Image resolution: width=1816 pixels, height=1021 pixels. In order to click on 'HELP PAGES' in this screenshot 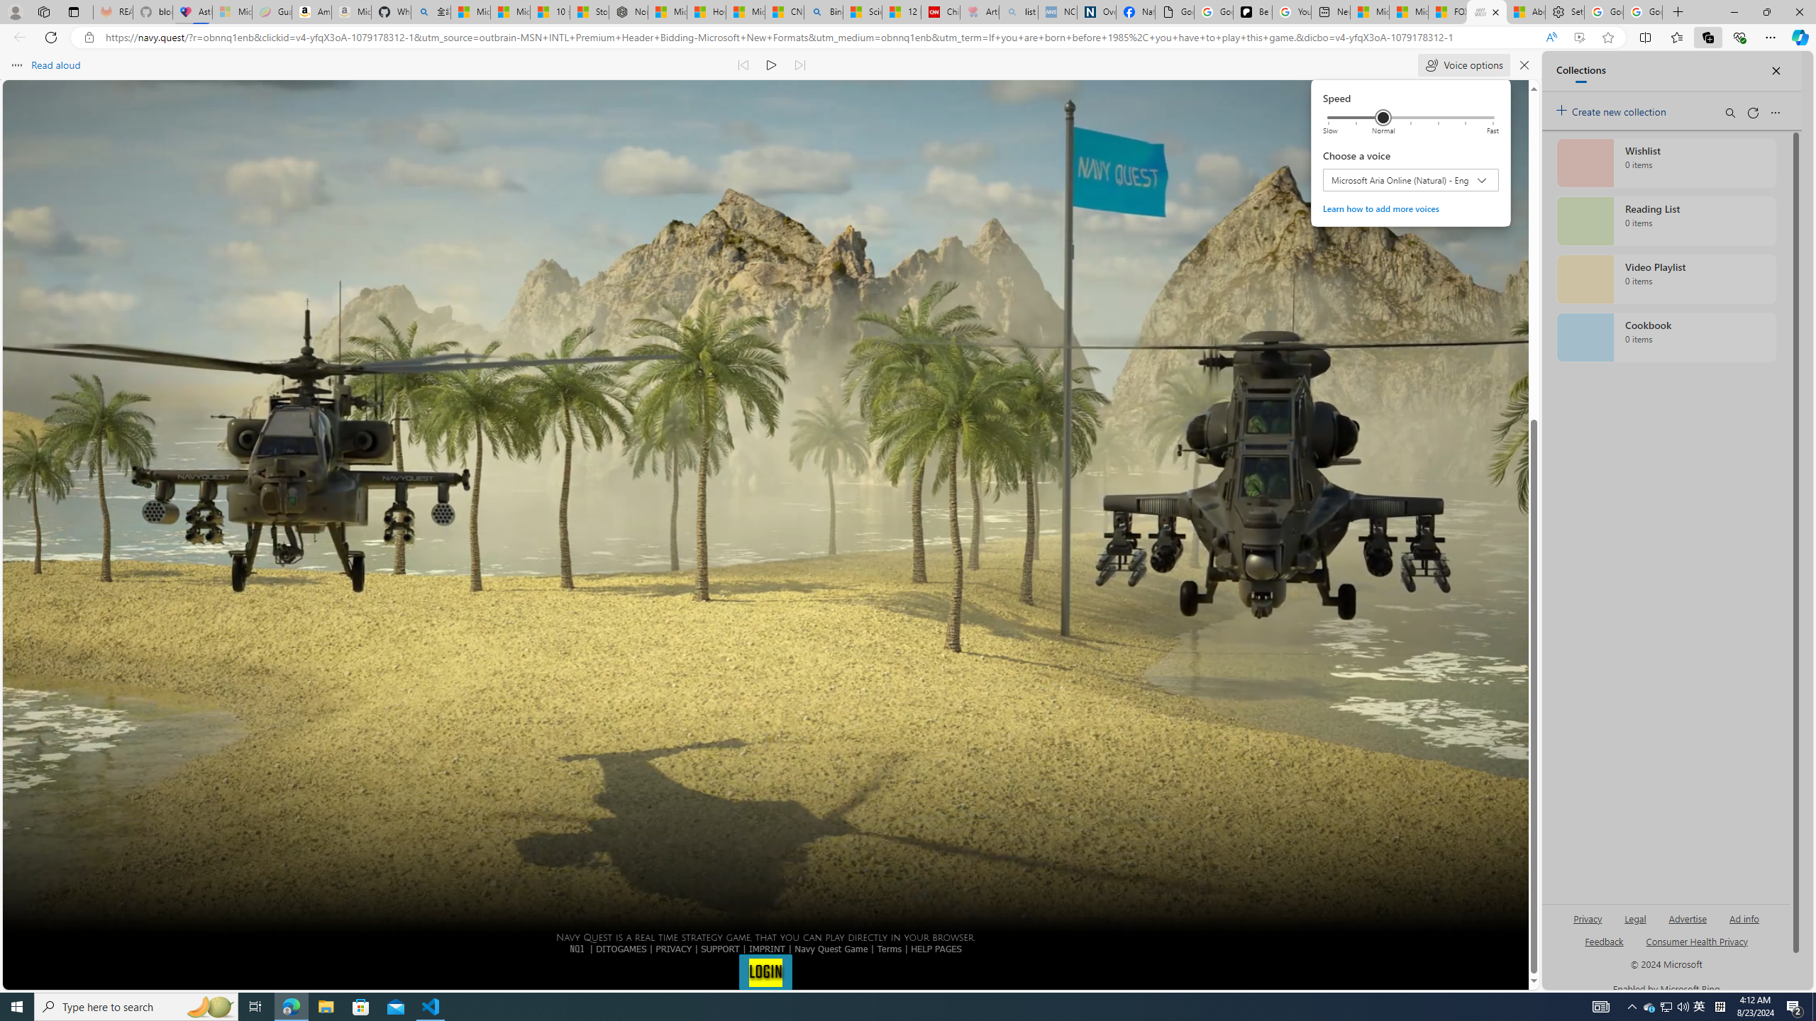, I will do `click(936, 947)`.